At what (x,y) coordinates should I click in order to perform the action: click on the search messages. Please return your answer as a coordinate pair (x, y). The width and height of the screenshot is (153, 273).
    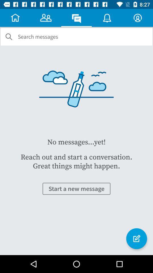
    Looking at the image, I should click on (38, 36).